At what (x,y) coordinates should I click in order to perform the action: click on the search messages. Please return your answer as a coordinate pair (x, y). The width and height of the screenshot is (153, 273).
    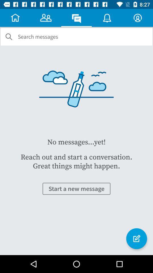
    Looking at the image, I should click on (38, 36).